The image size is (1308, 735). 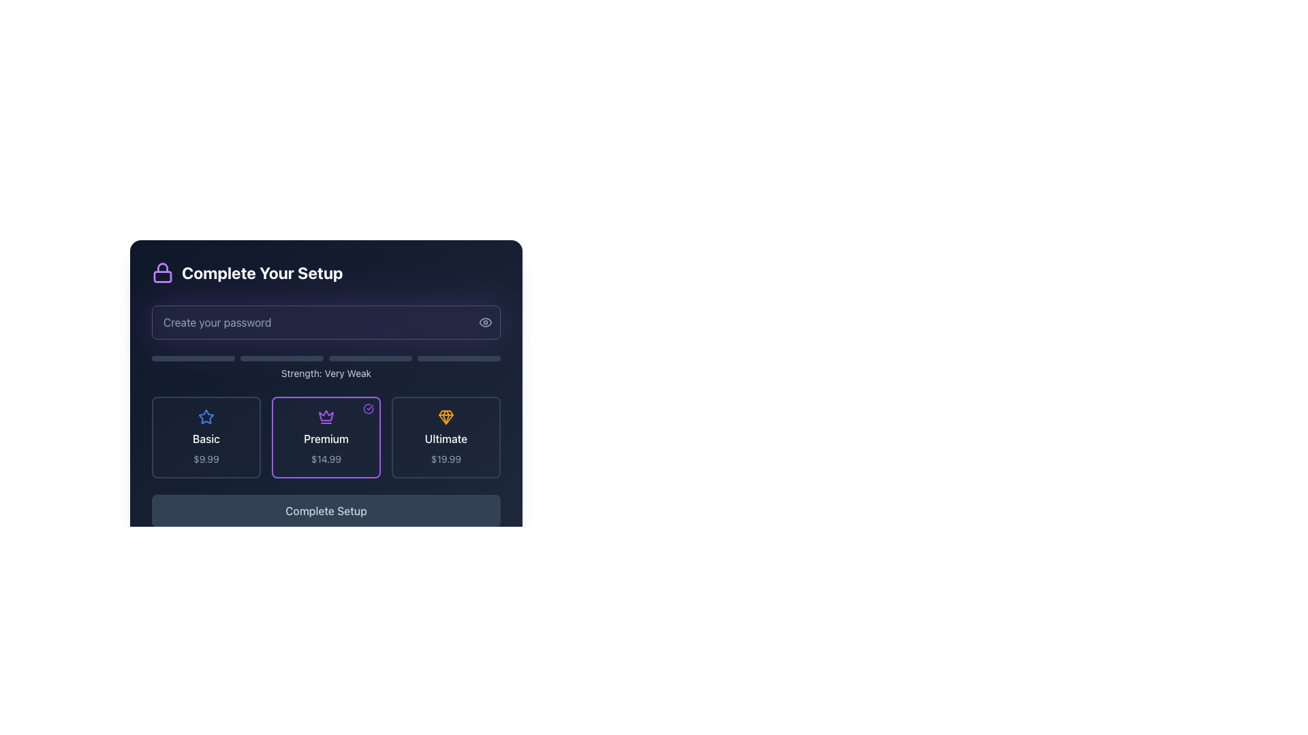 What do you see at coordinates (326, 438) in the screenshot?
I see `to select the 'Premium' option in the Selectable Option Box, which features the text 'Premium' and a purple crown icon above it` at bounding box center [326, 438].